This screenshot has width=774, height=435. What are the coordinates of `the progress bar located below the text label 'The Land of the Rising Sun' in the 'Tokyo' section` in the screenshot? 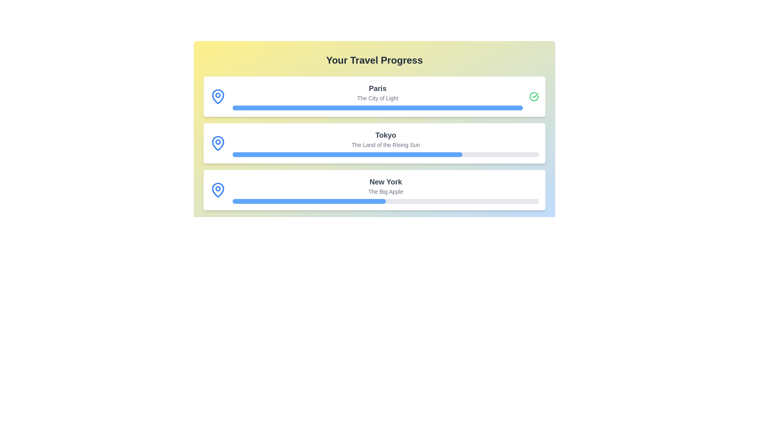 It's located at (385, 155).